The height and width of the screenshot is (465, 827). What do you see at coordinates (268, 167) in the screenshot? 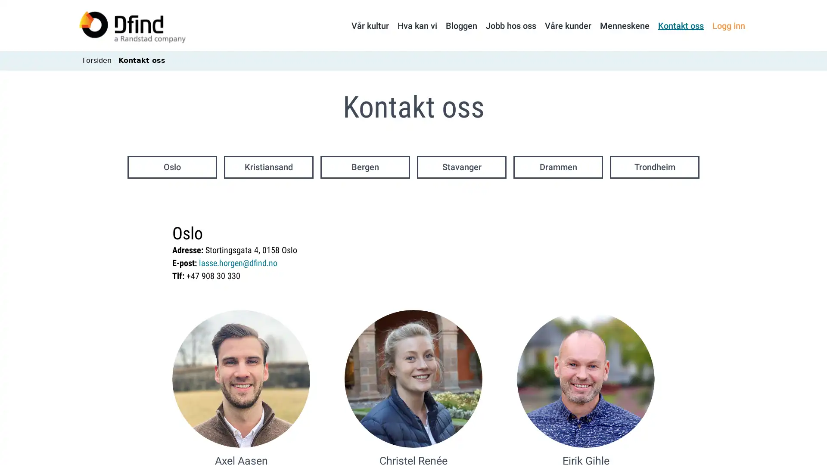
I see `Kristiansand` at bounding box center [268, 167].